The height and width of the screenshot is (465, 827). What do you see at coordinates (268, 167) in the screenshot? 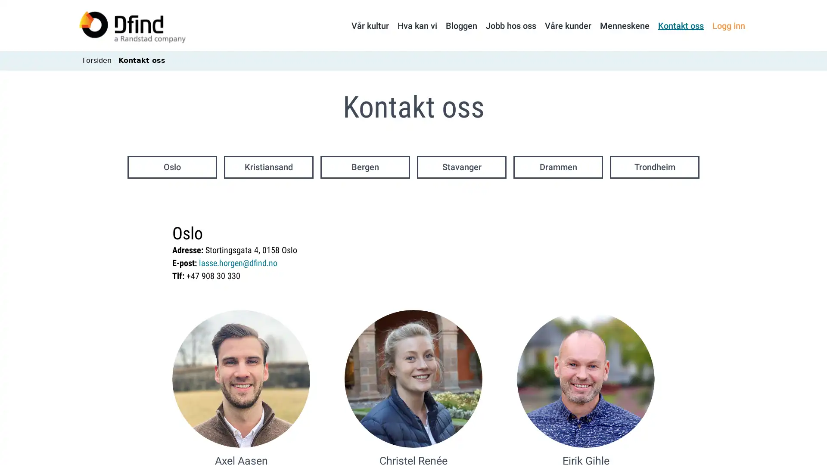
I see `Kristiansand` at bounding box center [268, 167].